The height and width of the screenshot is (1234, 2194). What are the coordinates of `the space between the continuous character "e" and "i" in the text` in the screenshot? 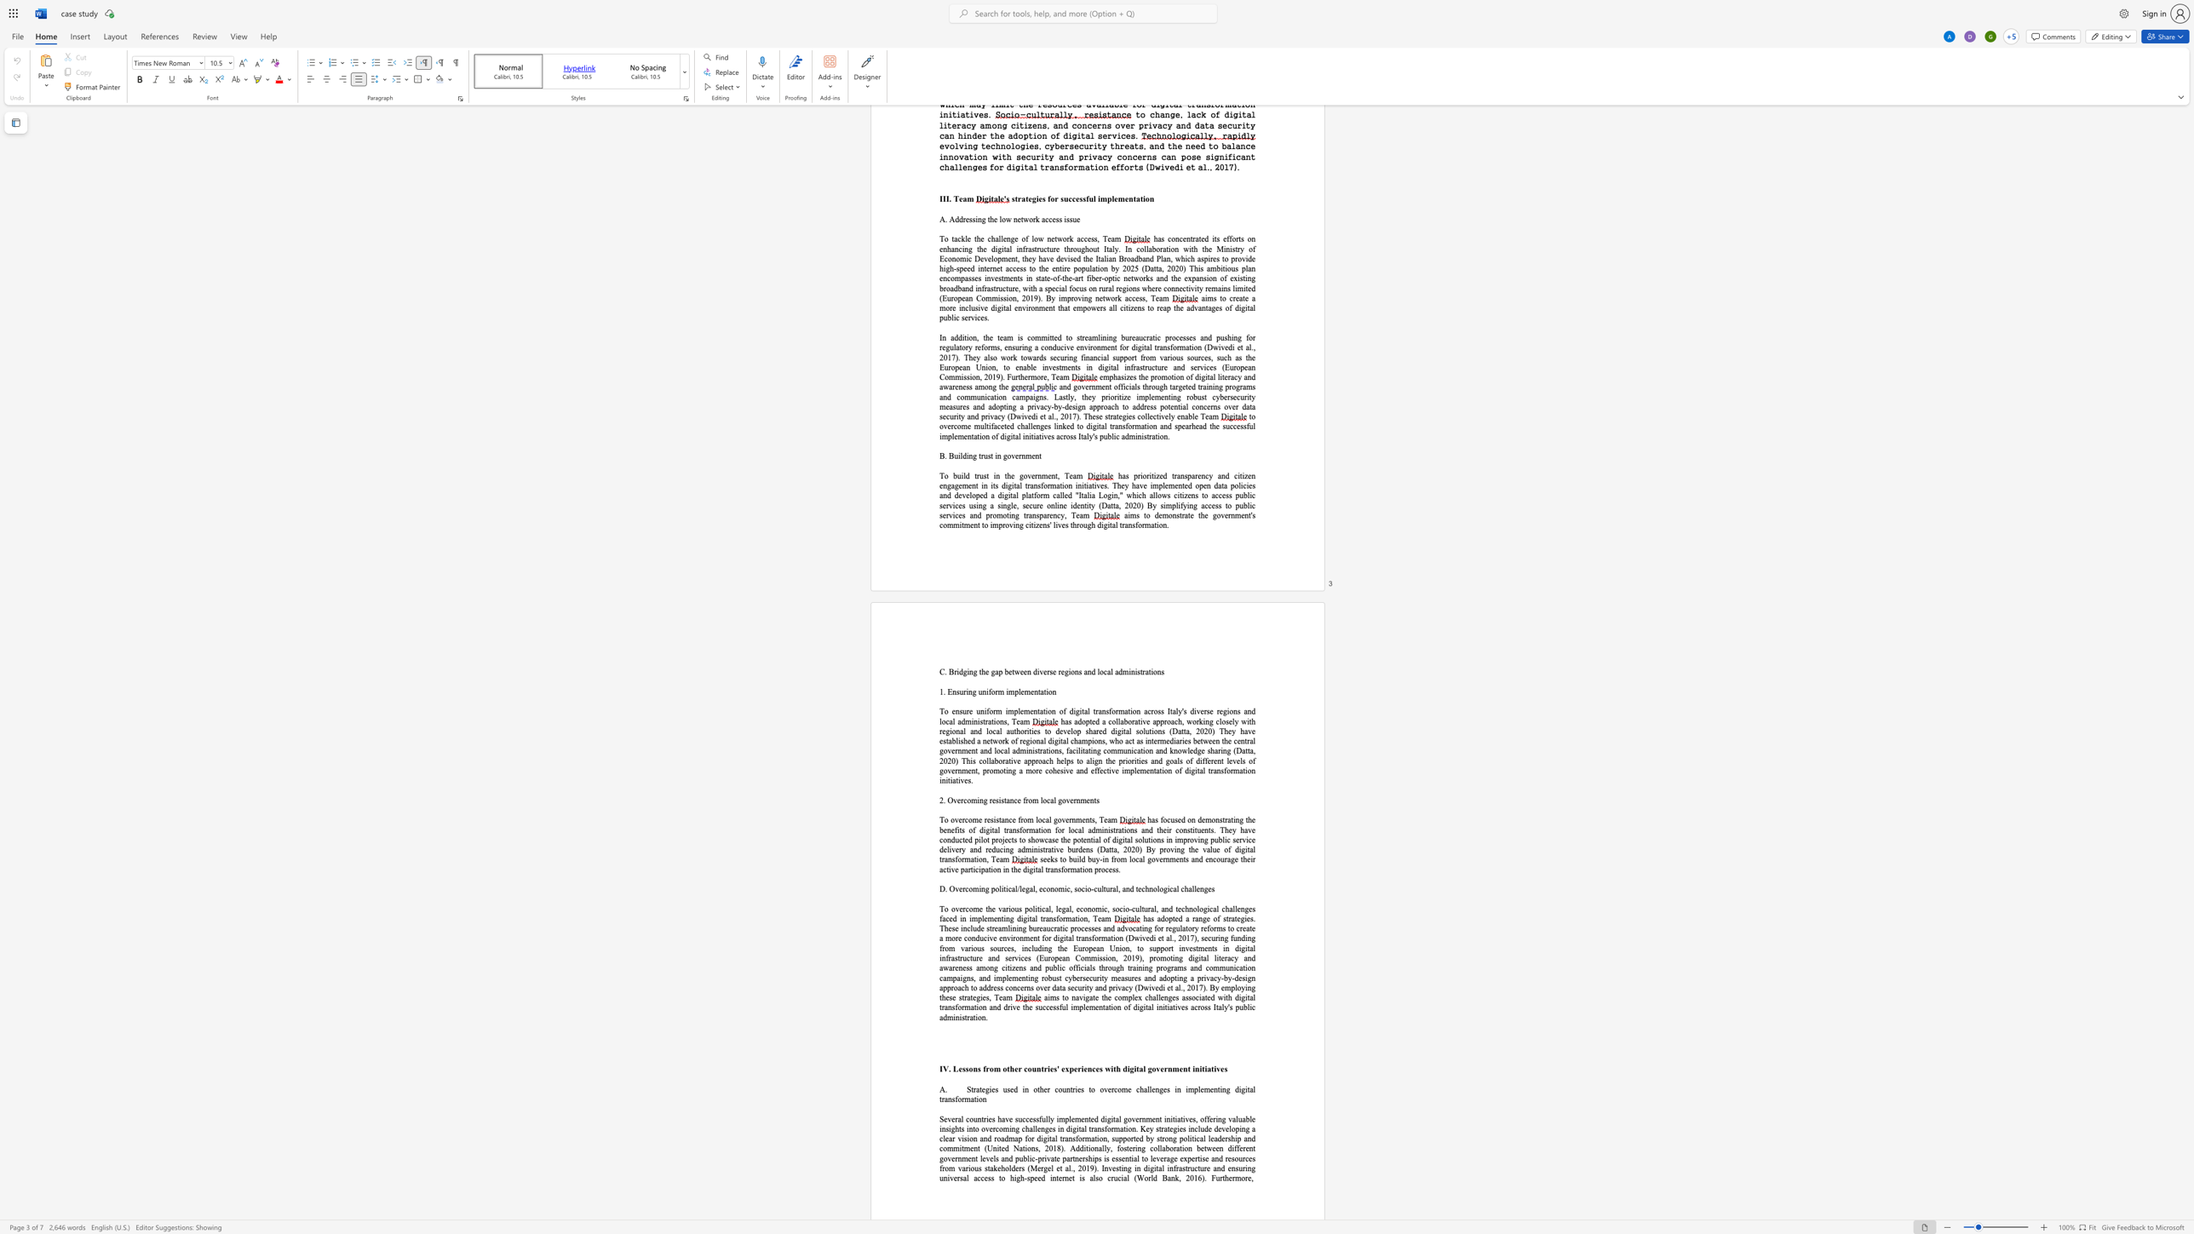 It's located at (1249, 858).